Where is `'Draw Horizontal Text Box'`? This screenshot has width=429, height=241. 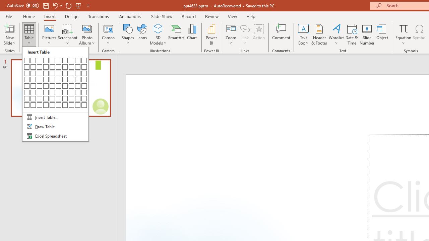
'Draw Horizontal Text Box' is located at coordinates (303, 28).